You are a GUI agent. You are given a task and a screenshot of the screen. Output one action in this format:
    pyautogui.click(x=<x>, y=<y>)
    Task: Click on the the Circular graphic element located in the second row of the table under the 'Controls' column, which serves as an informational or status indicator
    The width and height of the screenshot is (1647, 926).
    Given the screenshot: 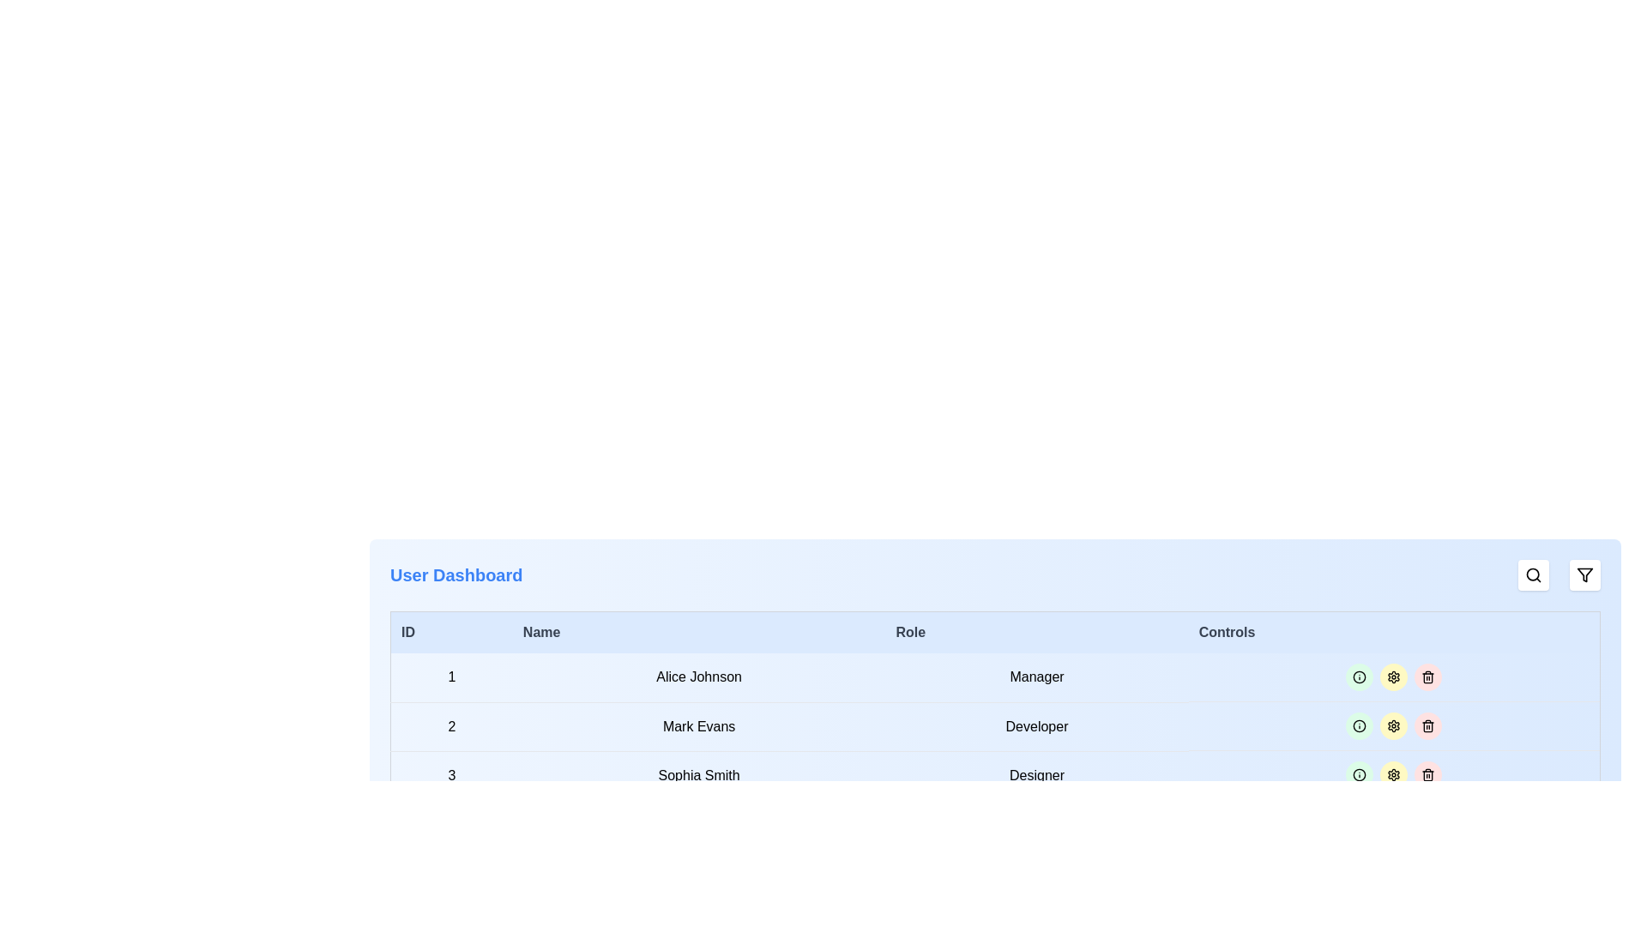 What is the action you would take?
    pyautogui.click(x=1359, y=726)
    